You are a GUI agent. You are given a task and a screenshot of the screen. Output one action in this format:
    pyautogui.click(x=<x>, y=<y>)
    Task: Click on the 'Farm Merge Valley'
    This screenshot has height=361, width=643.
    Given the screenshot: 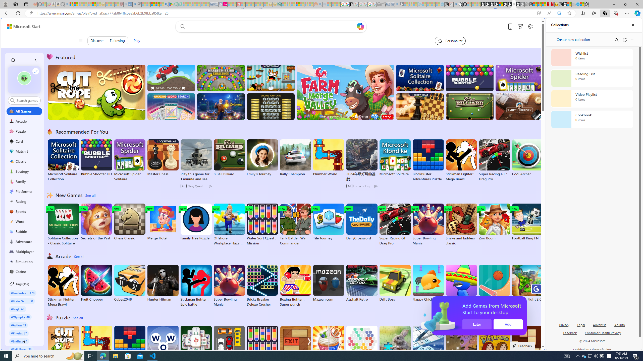 What is the action you would take?
    pyautogui.click(x=345, y=92)
    